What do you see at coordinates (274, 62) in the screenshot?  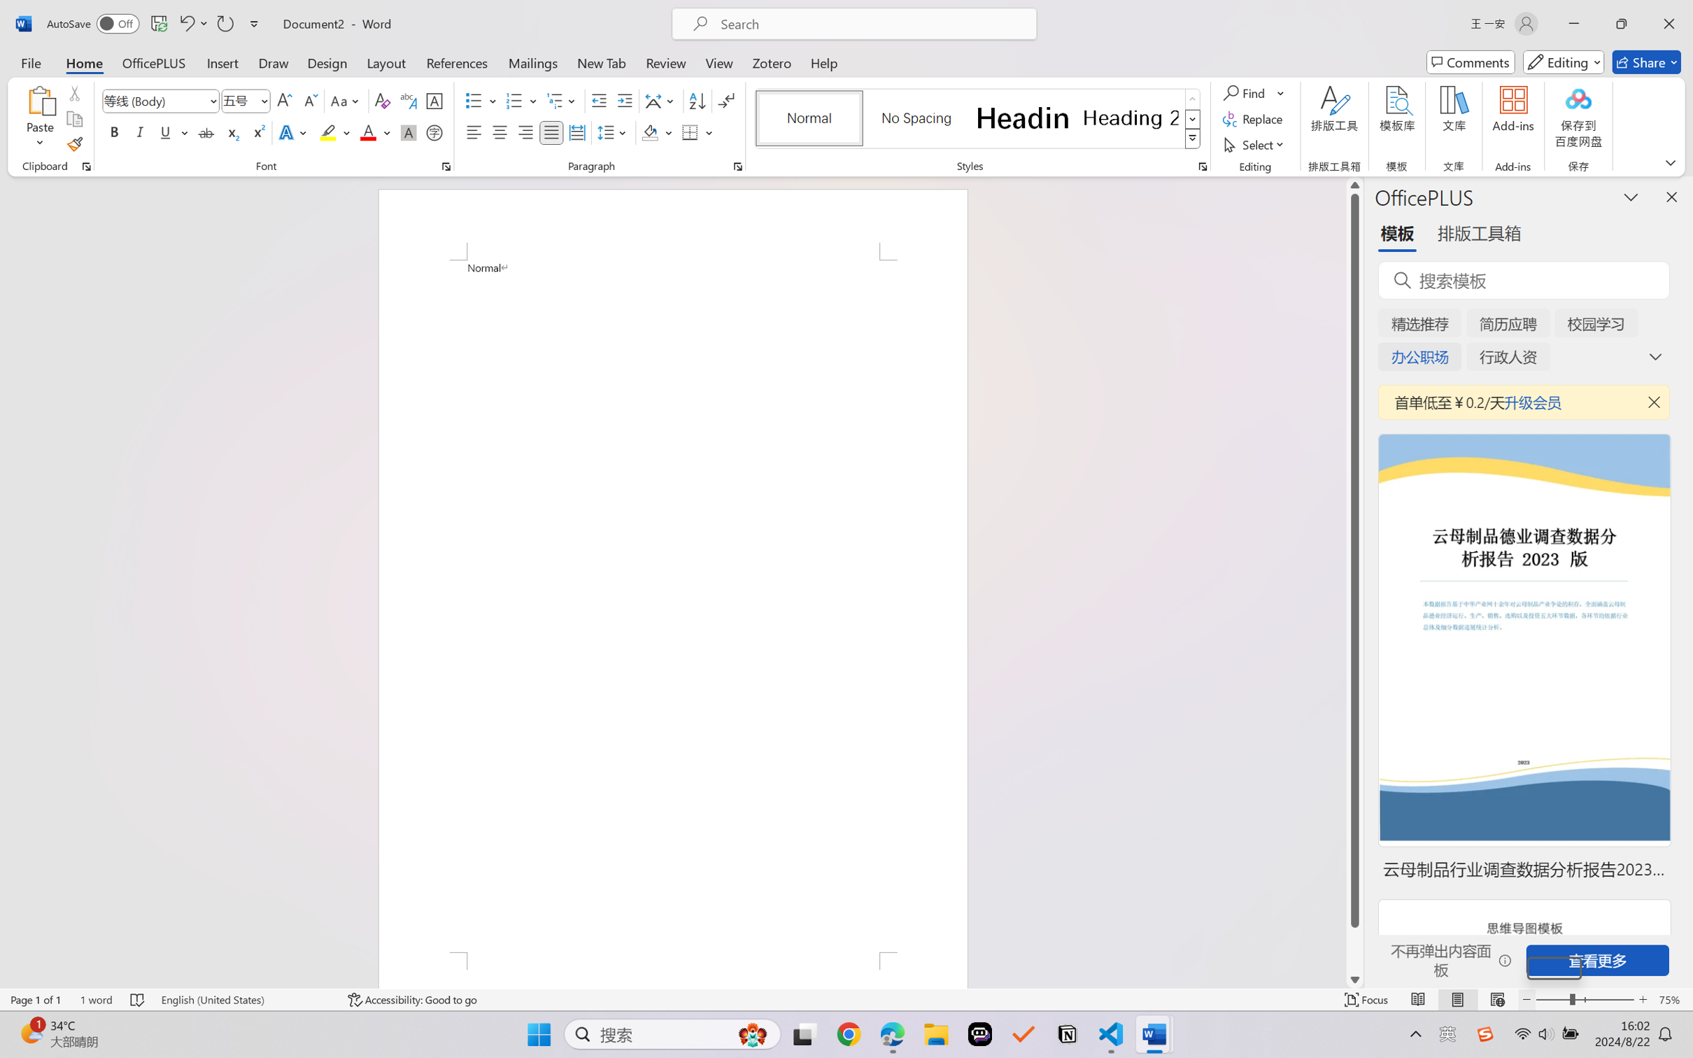 I see `'Draw'` at bounding box center [274, 62].